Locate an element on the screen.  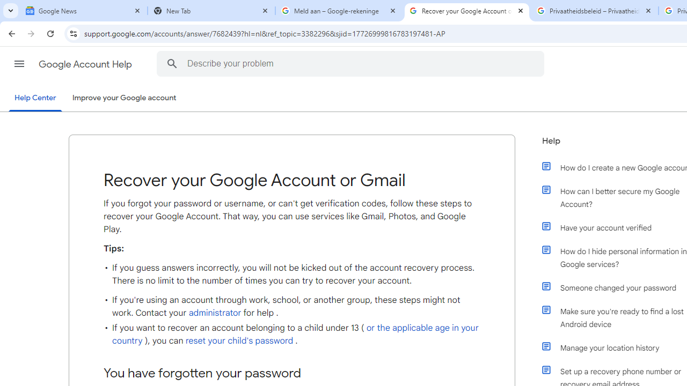
'New Tab' is located at coordinates (211, 11).